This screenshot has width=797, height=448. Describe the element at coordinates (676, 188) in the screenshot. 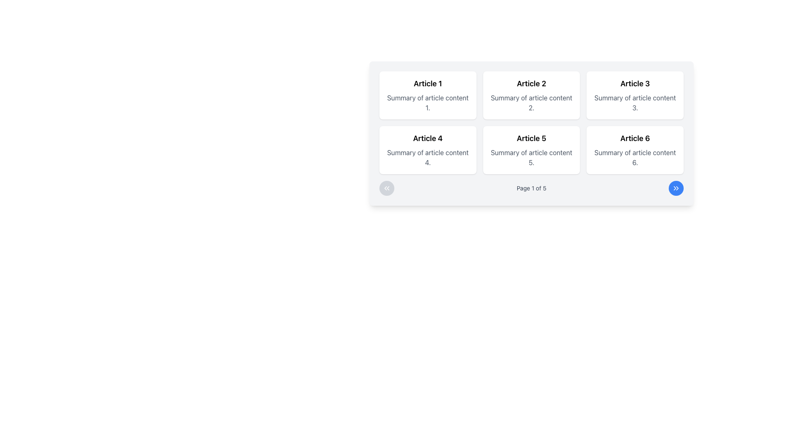

I see `the SVG icon within the circular button located at the bottom-right corner of the interface, which is used for navigating to the next page in a paginated list of articles` at that location.